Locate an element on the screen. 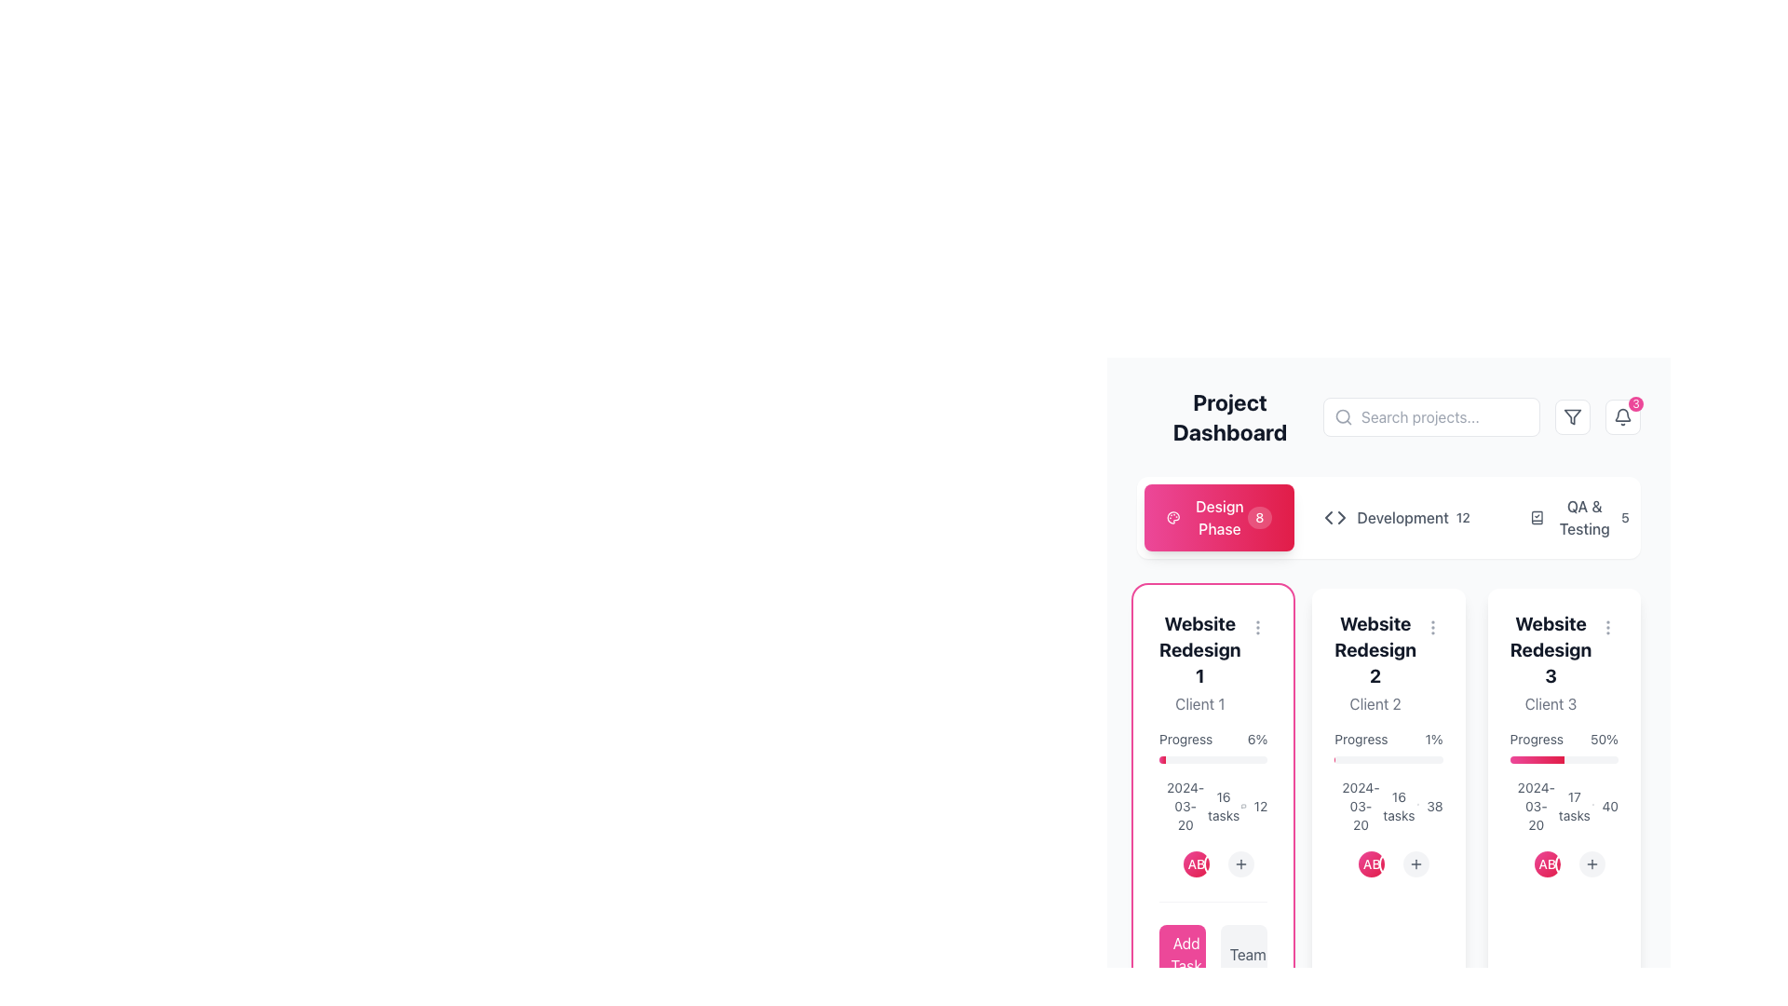 Image resolution: width=1788 pixels, height=1006 pixels. the Progress bar indicating 6% completion in the 'Website Redesign 1' project card on the 'Project Dashboard' is located at coordinates (1213, 760).